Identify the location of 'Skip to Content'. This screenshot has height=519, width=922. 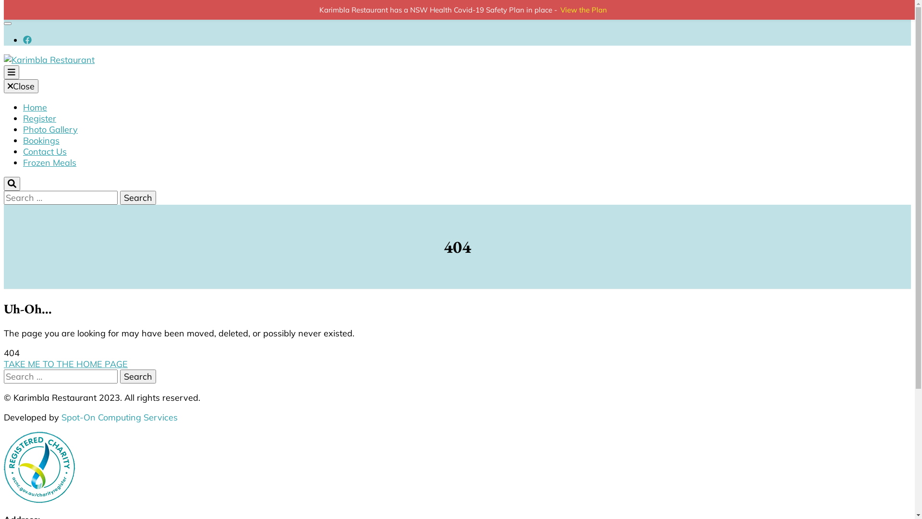
(34, 9).